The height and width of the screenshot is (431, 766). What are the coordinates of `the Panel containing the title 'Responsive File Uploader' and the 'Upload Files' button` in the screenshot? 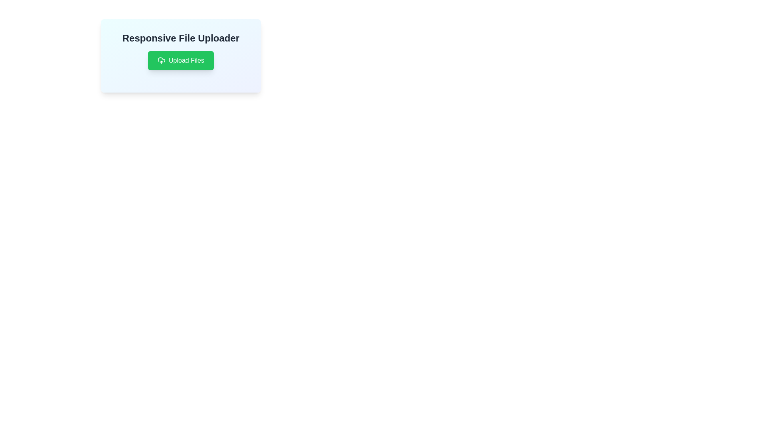 It's located at (180, 55).